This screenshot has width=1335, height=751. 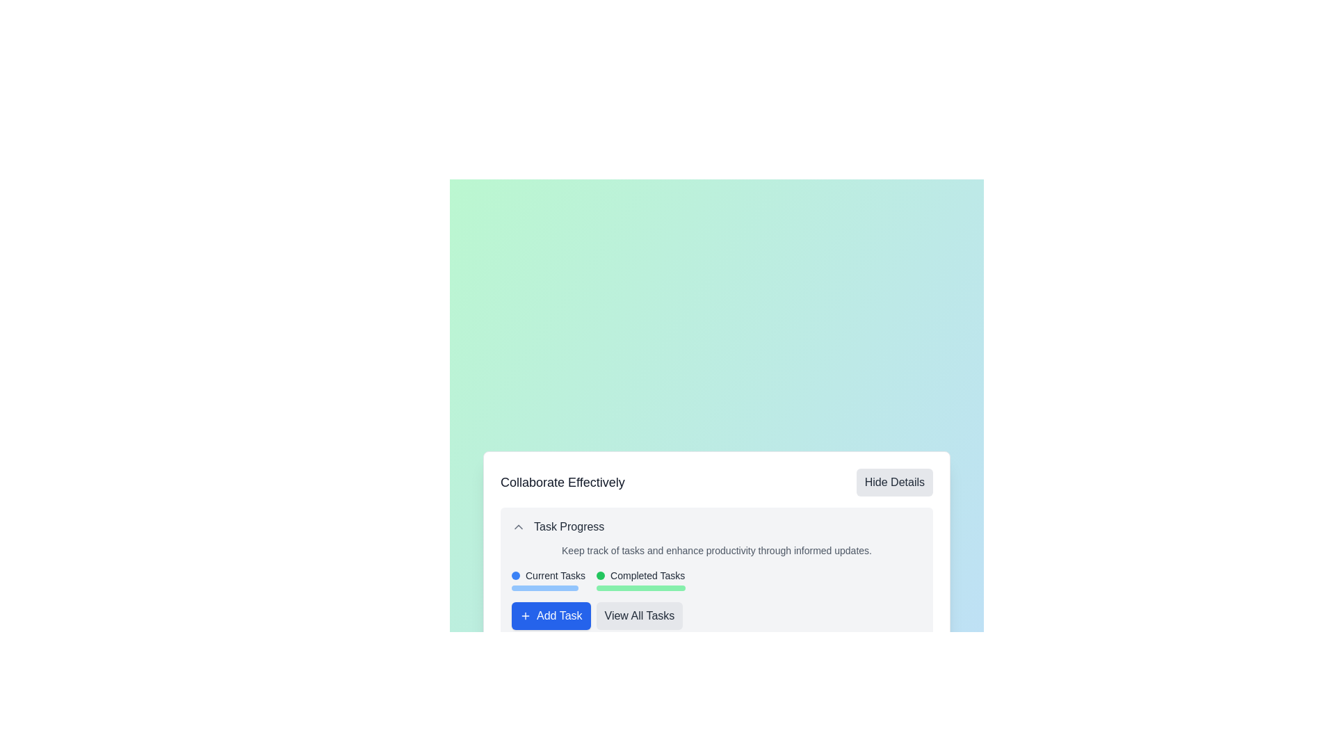 I want to click on the green indicator dot for 'Completed Tasks' located to the left of the corresponding text label, so click(x=601, y=576).